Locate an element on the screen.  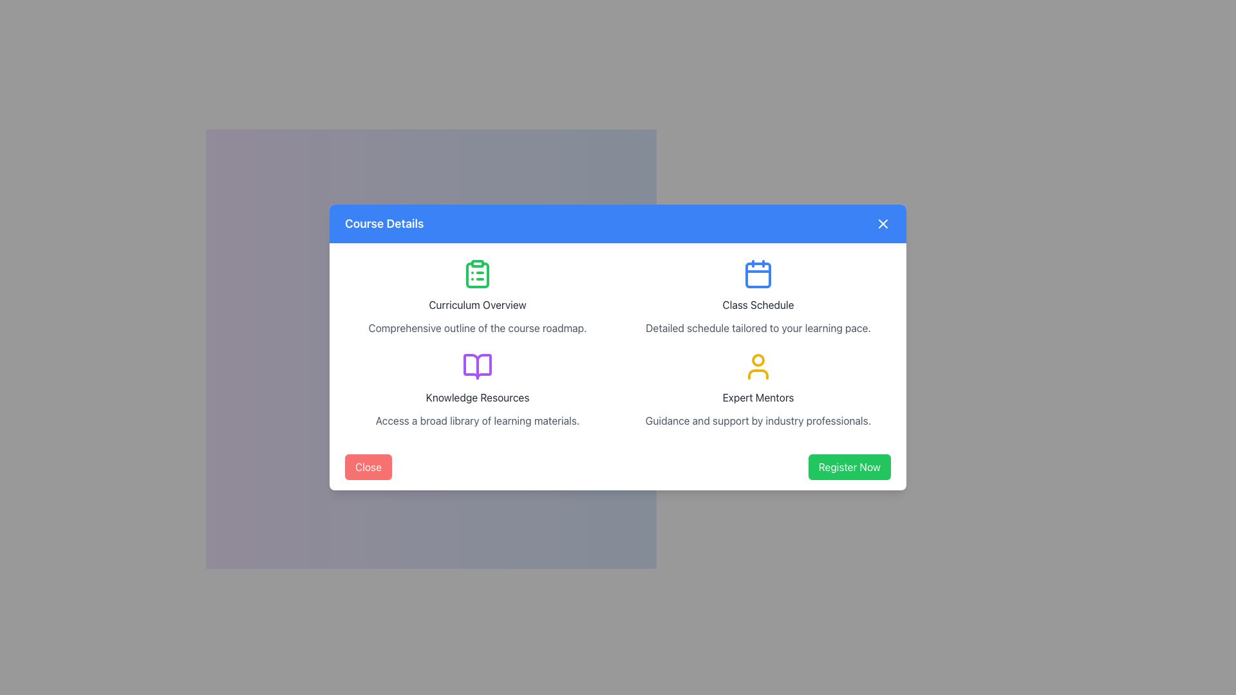
the Decorative Icon Component, which is a solid blue rounded rectangle inside the 'Class Schedule' calendar icon located in the top-right quadrant of the interface is located at coordinates (758, 275).